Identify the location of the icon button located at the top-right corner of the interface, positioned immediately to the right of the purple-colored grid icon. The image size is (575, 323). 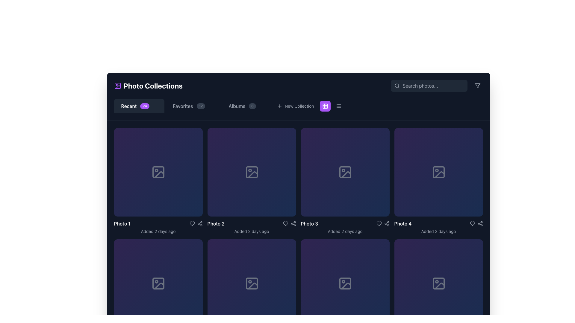
(338, 106).